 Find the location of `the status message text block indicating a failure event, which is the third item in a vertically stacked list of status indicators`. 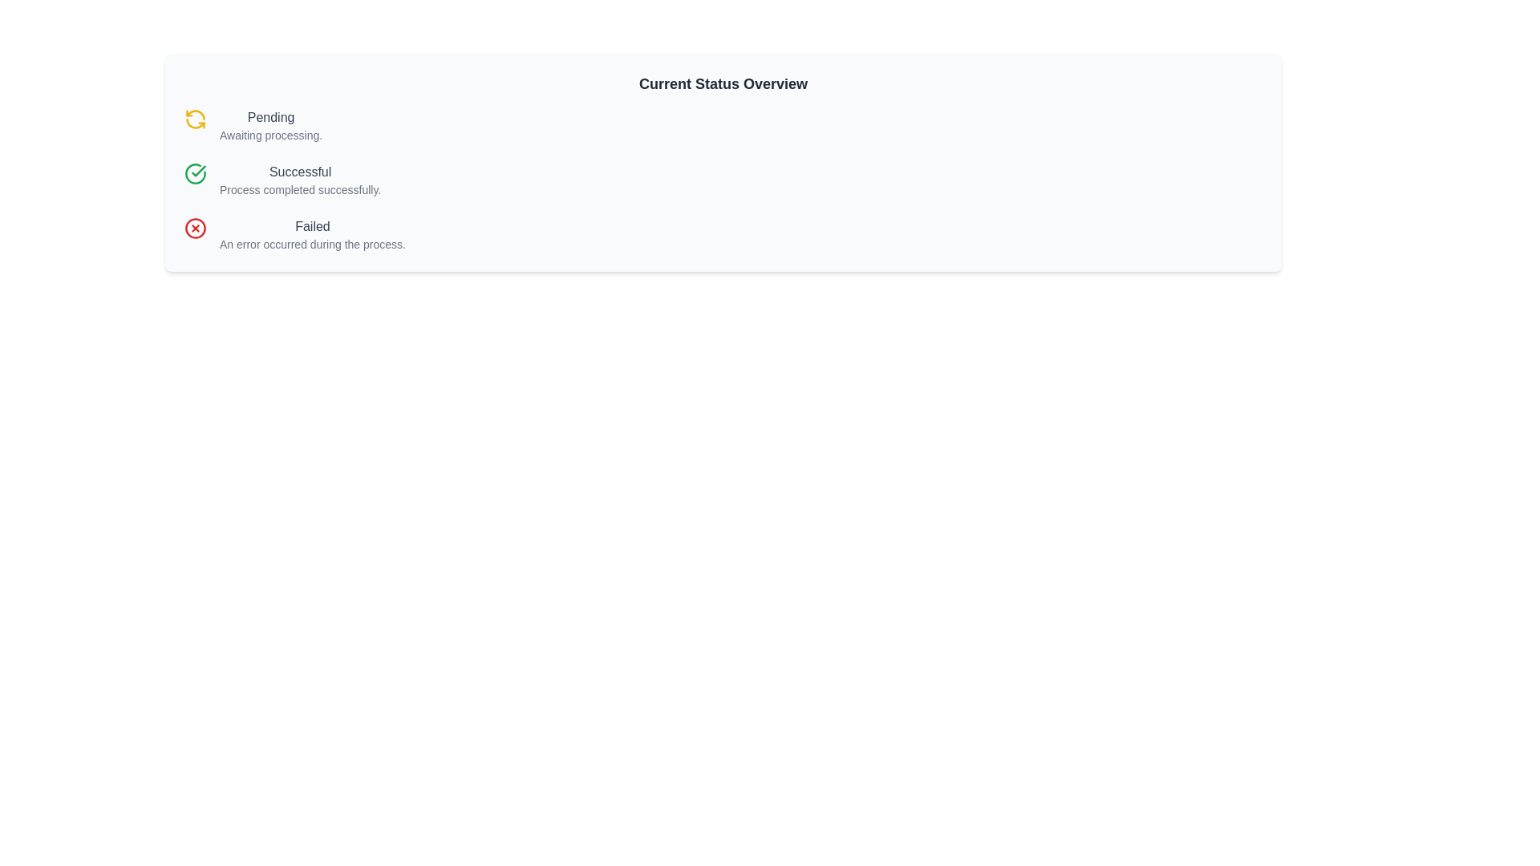

the status message text block indicating a failure event, which is the third item in a vertically stacked list of status indicators is located at coordinates (312, 235).